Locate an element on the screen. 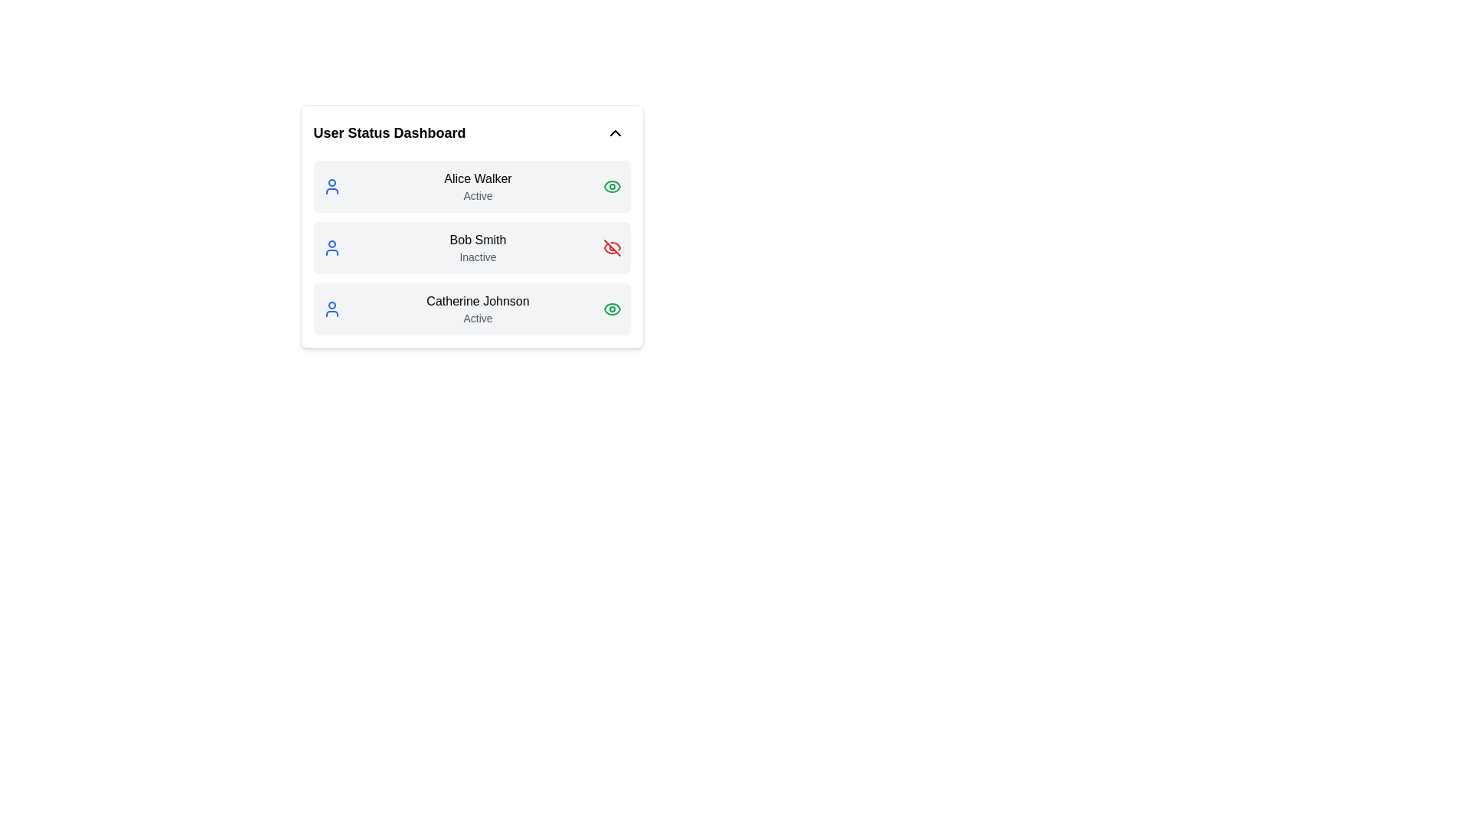 This screenshot has height=827, width=1470. name displayed in the text label element that shows 'Catherine Johnson', which is part of a user entry in the 'User Status Dashboard' is located at coordinates (477, 301).